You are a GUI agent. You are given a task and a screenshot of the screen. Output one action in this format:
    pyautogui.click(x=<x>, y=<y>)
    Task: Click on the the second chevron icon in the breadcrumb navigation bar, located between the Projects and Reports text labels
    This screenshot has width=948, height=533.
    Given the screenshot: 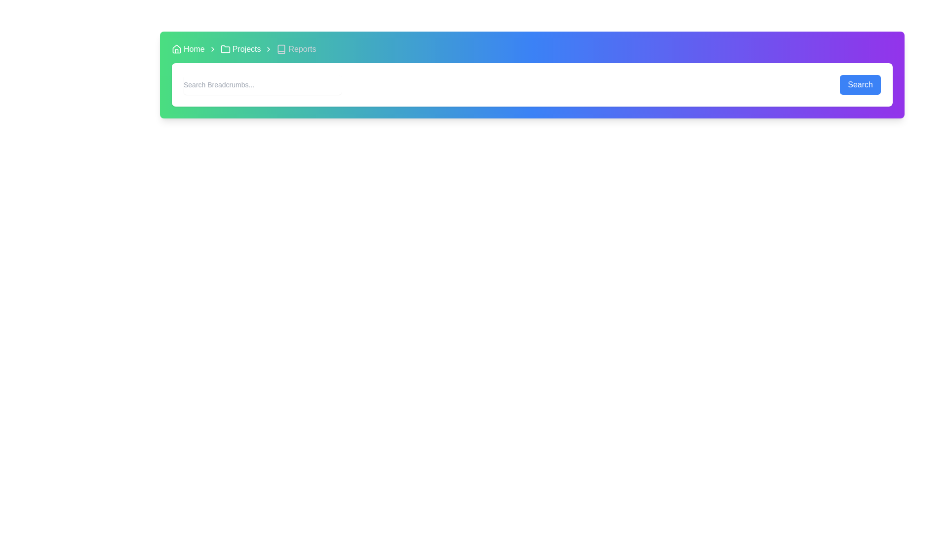 What is the action you would take?
    pyautogui.click(x=269, y=49)
    